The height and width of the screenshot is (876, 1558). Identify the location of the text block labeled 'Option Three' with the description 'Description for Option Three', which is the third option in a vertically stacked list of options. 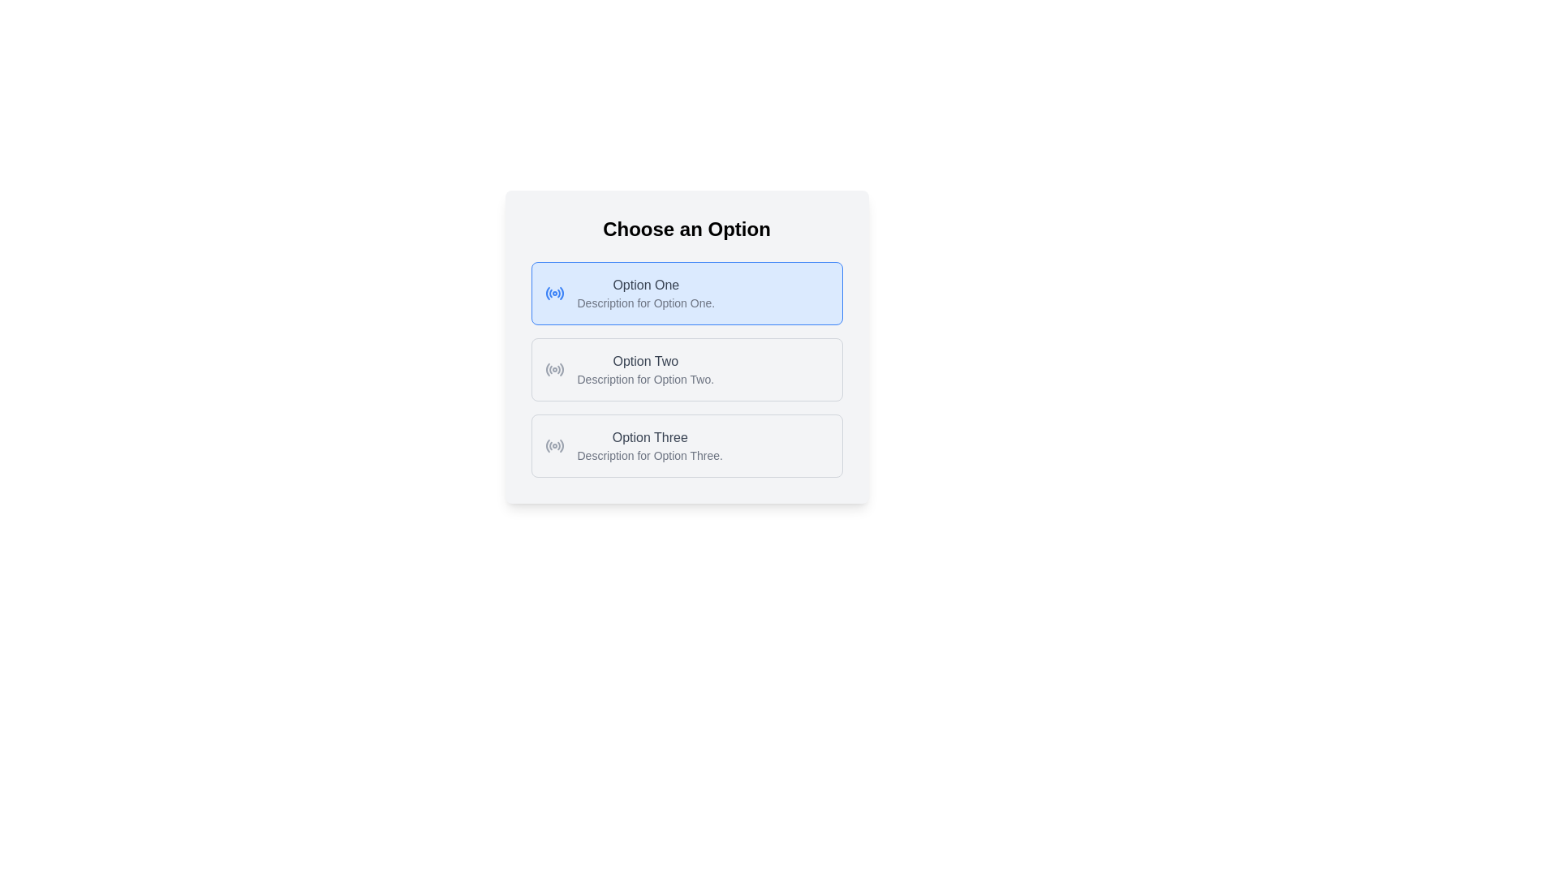
(650, 446).